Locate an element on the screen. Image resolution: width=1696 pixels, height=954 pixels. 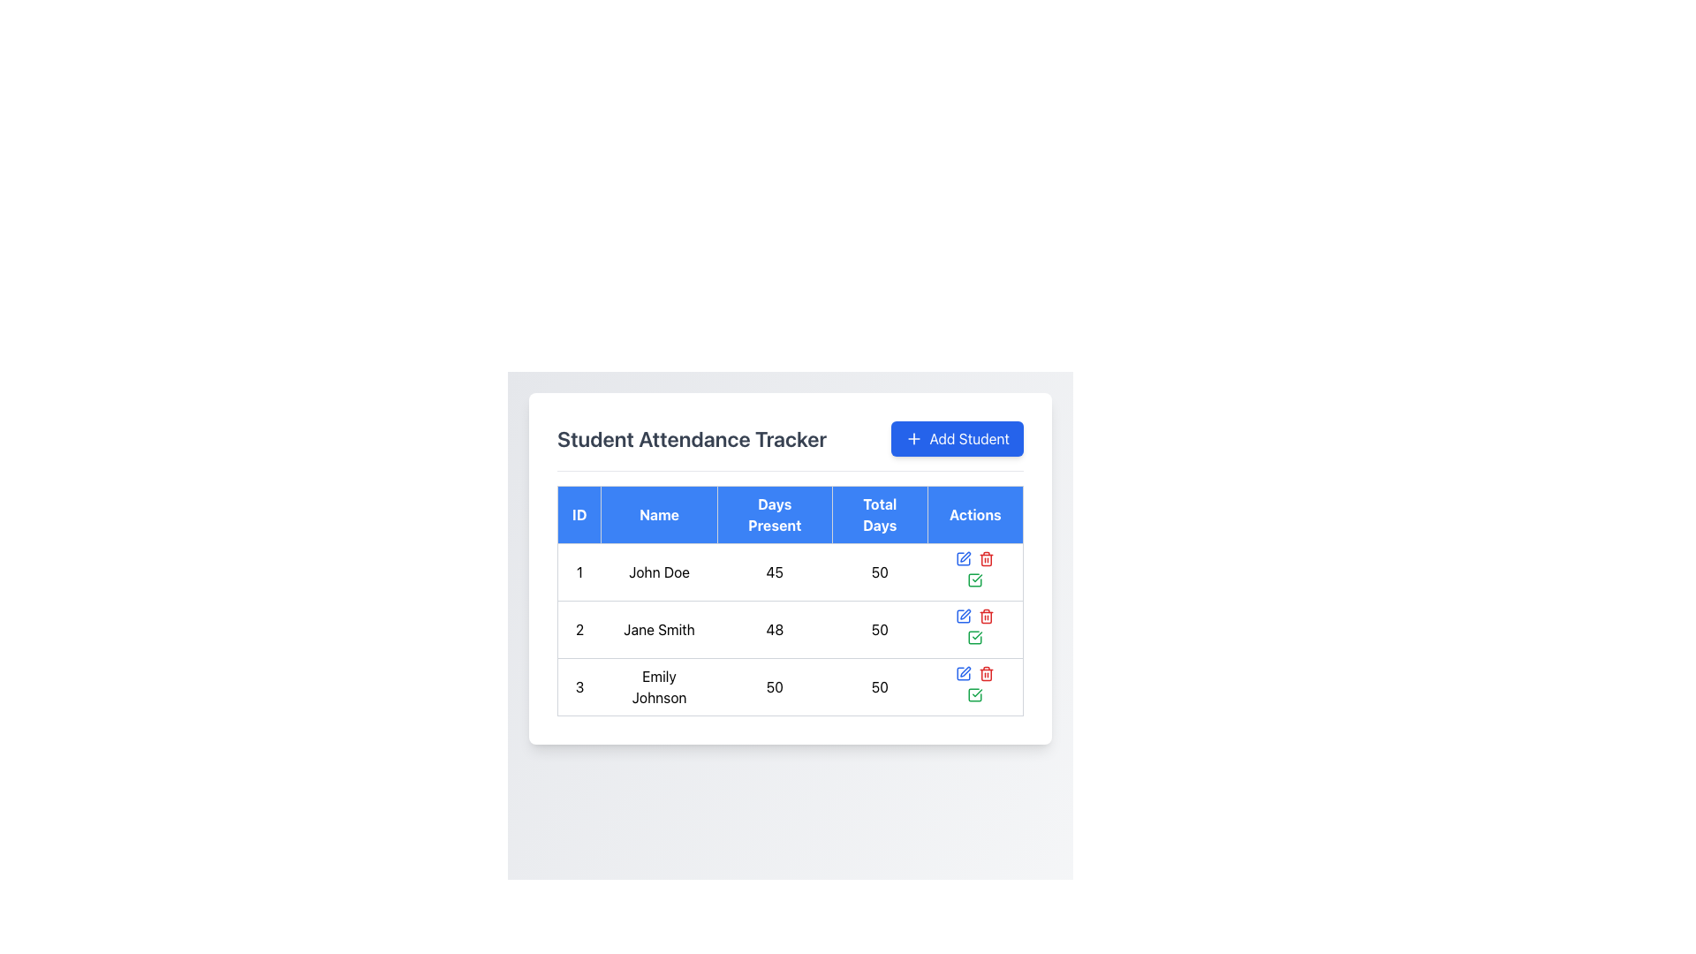
the 'Days Present' column header in the Student Attendance Tracker table, which is the third element from the left in the header row is located at coordinates (775, 514).